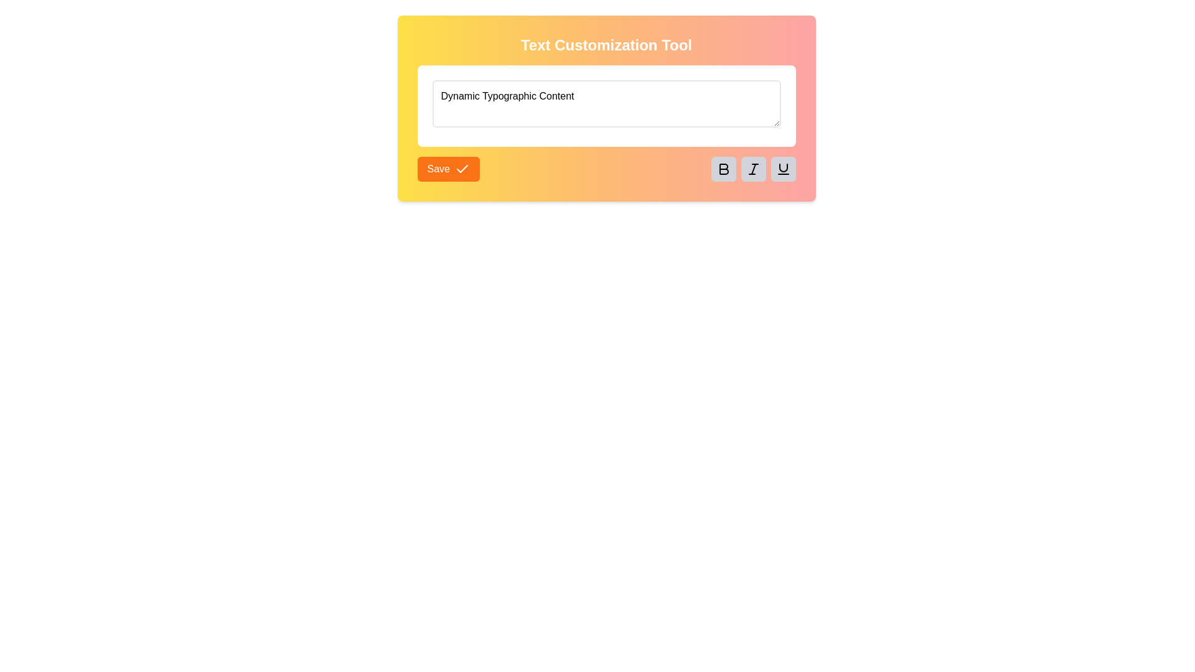  Describe the element at coordinates (448, 169) in the screenshot. I see `the rectangular orange 'Save' button with rounded corners, which displays bold white text and a checkmark icon` at that location.